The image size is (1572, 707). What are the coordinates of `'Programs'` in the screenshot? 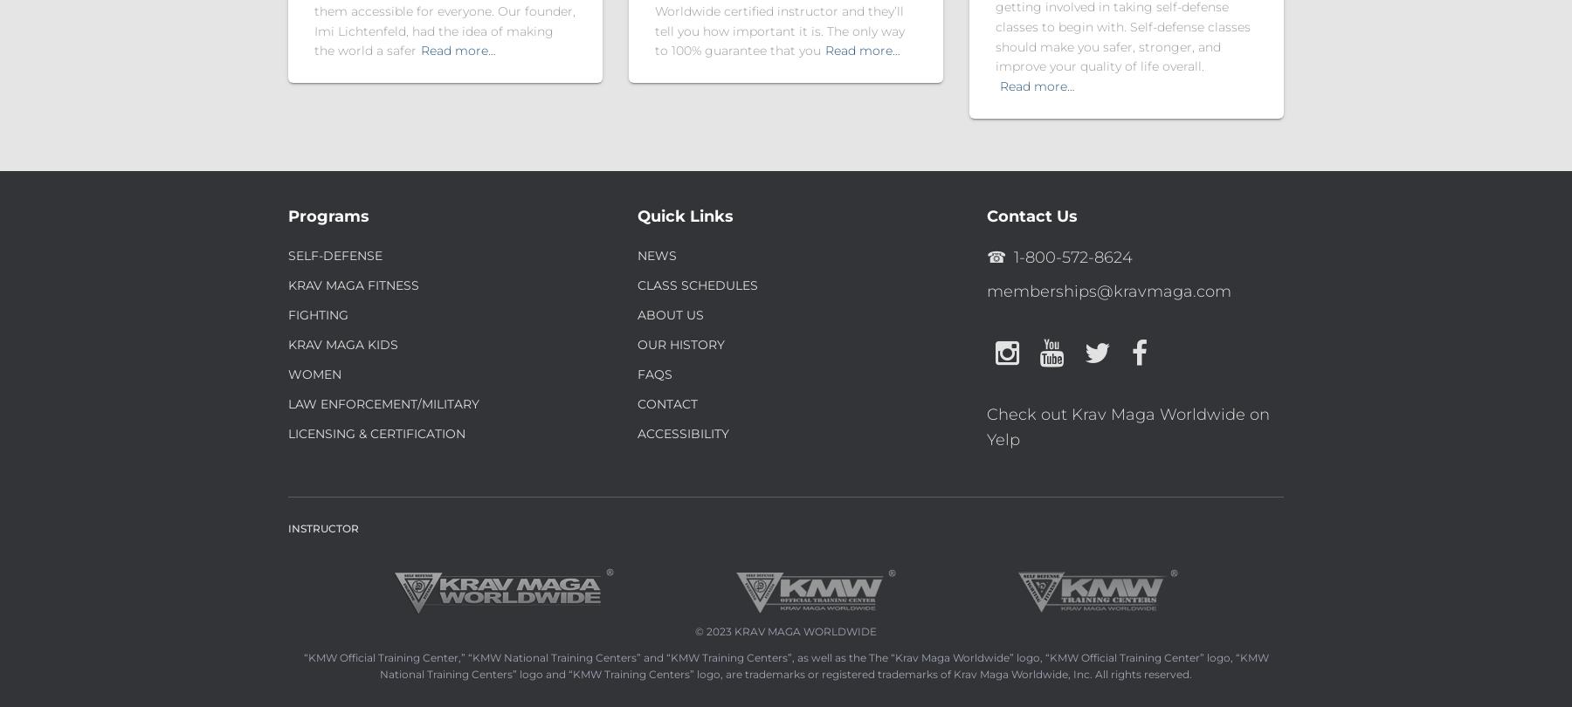 It's located at (286, 214).